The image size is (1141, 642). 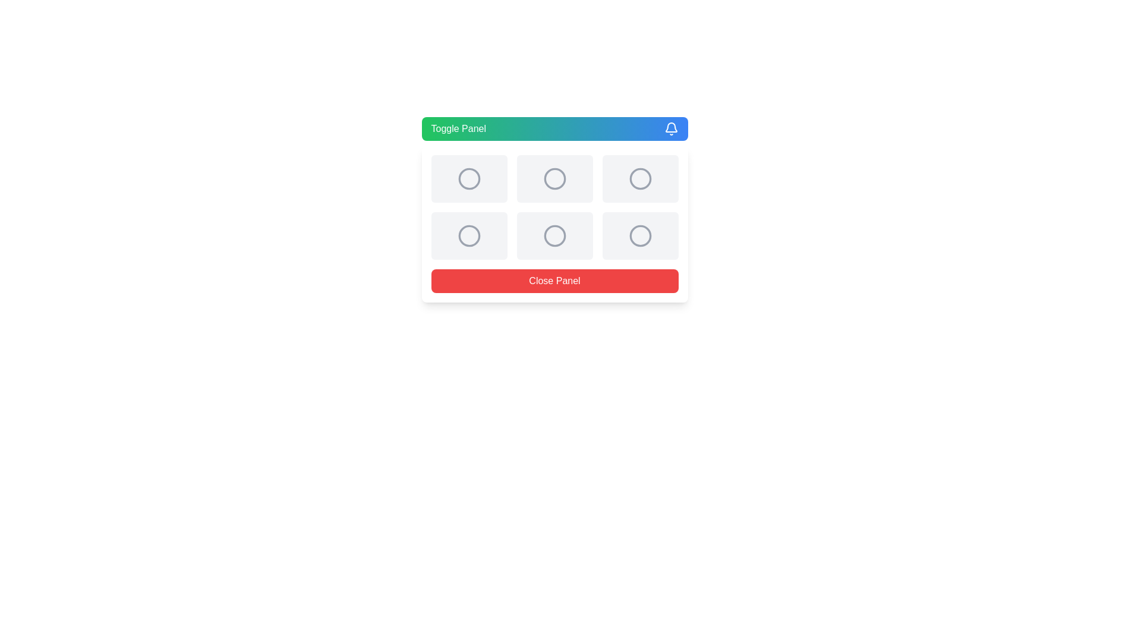 I want to click on the grid cell in the second column and first row that has a centered circular icon outlined in lighter gray, which is styled as a gray rounded rectangle, so click(x=554, y=178).